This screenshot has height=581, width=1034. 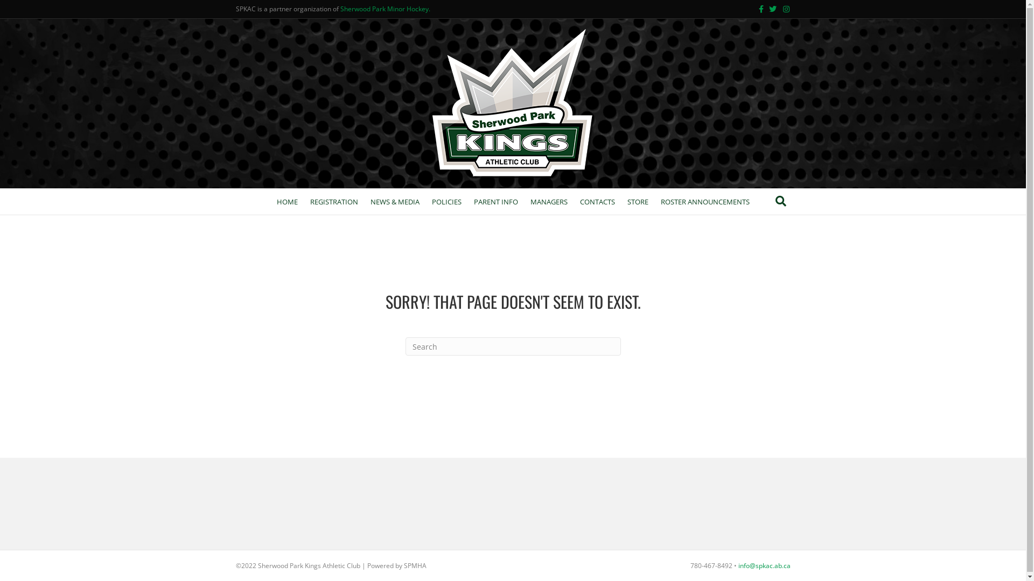 I want to click on 'CONTACTS', so click(x=596, y=201).